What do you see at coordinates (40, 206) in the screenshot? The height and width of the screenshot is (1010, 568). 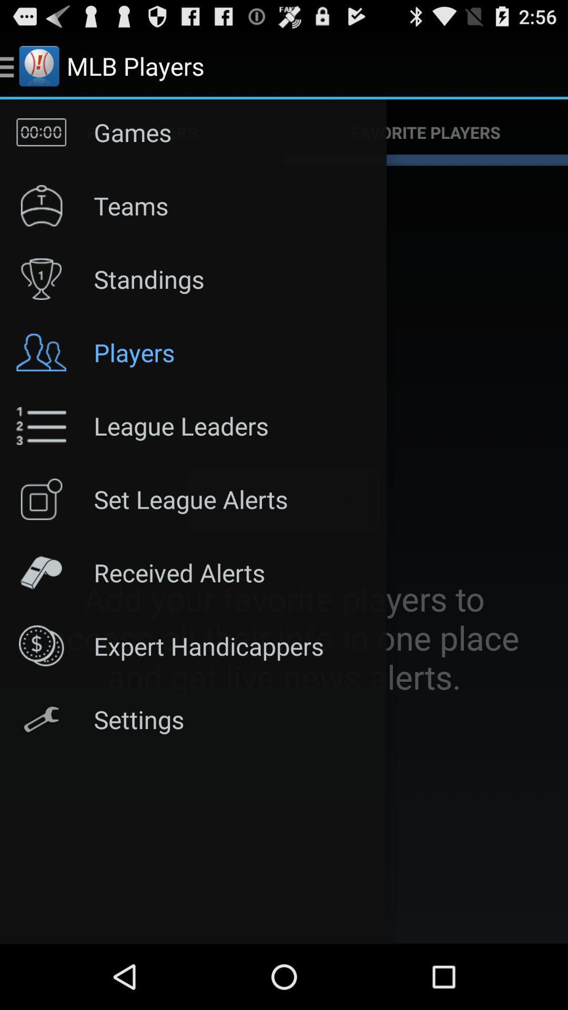 I see `the icon beside teams` at bounding box center [40, 206].